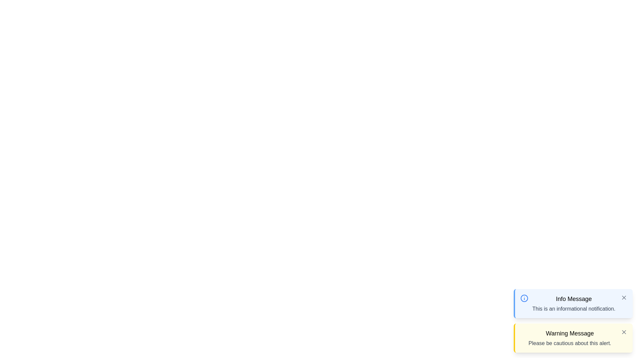 Image resolution: width=638 pixels, height=358 pixels. Describe the element at coordinates (574, 299) in the screenshot. I see `the 'Info Message' text label, which is styled with a larger font size and bold weight, located in the upper portion of the blue notification box in the bottom-right corner of the interface` at that location.